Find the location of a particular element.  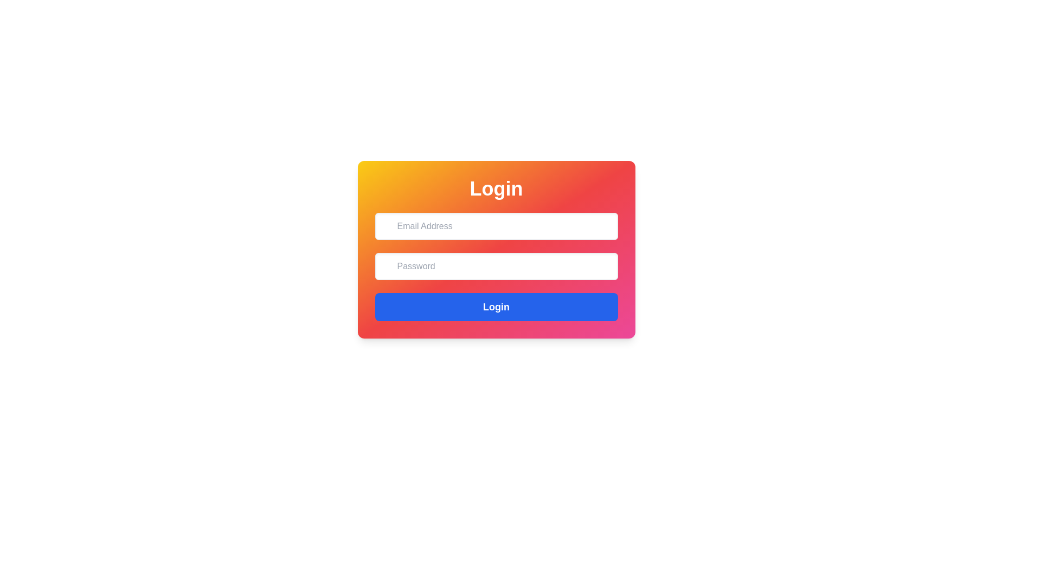

the text label indicating the purpose of the user login interface, which is located at the top-center of the rounded rectangle with a gradient background is located at coordinates (496, 188).